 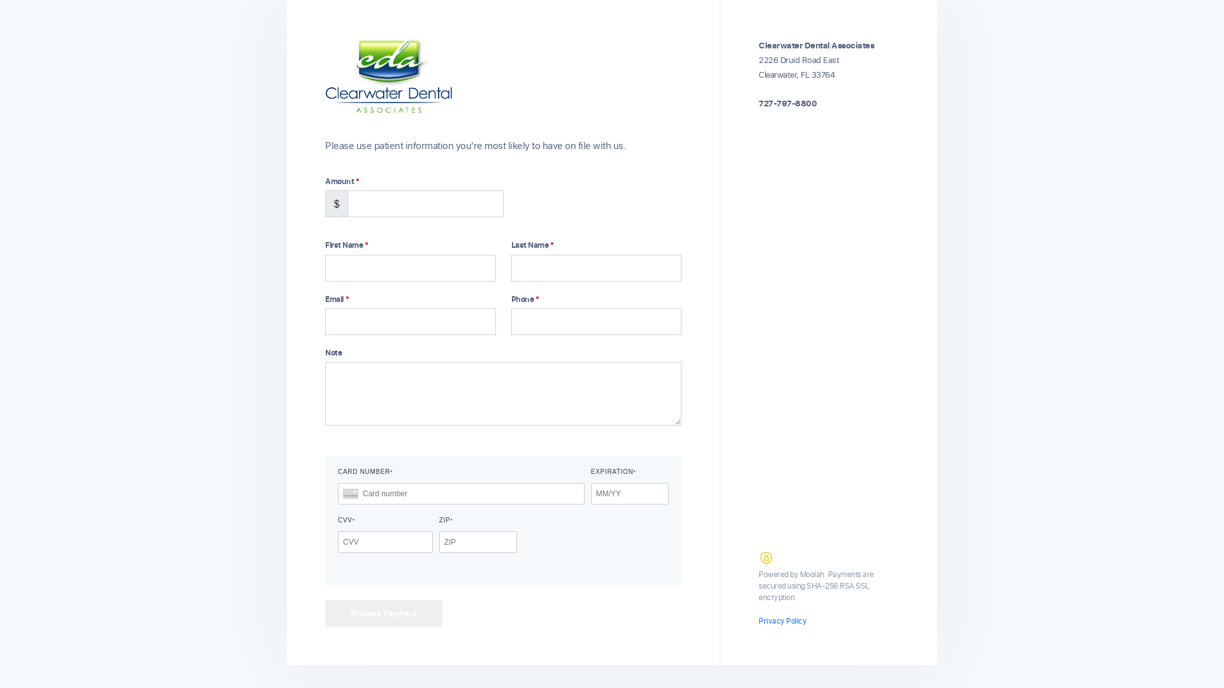 What do you see at coordinates (382, 613) in the screenshot?
I see `'Process Payment'` at bounding box center [382, 613].